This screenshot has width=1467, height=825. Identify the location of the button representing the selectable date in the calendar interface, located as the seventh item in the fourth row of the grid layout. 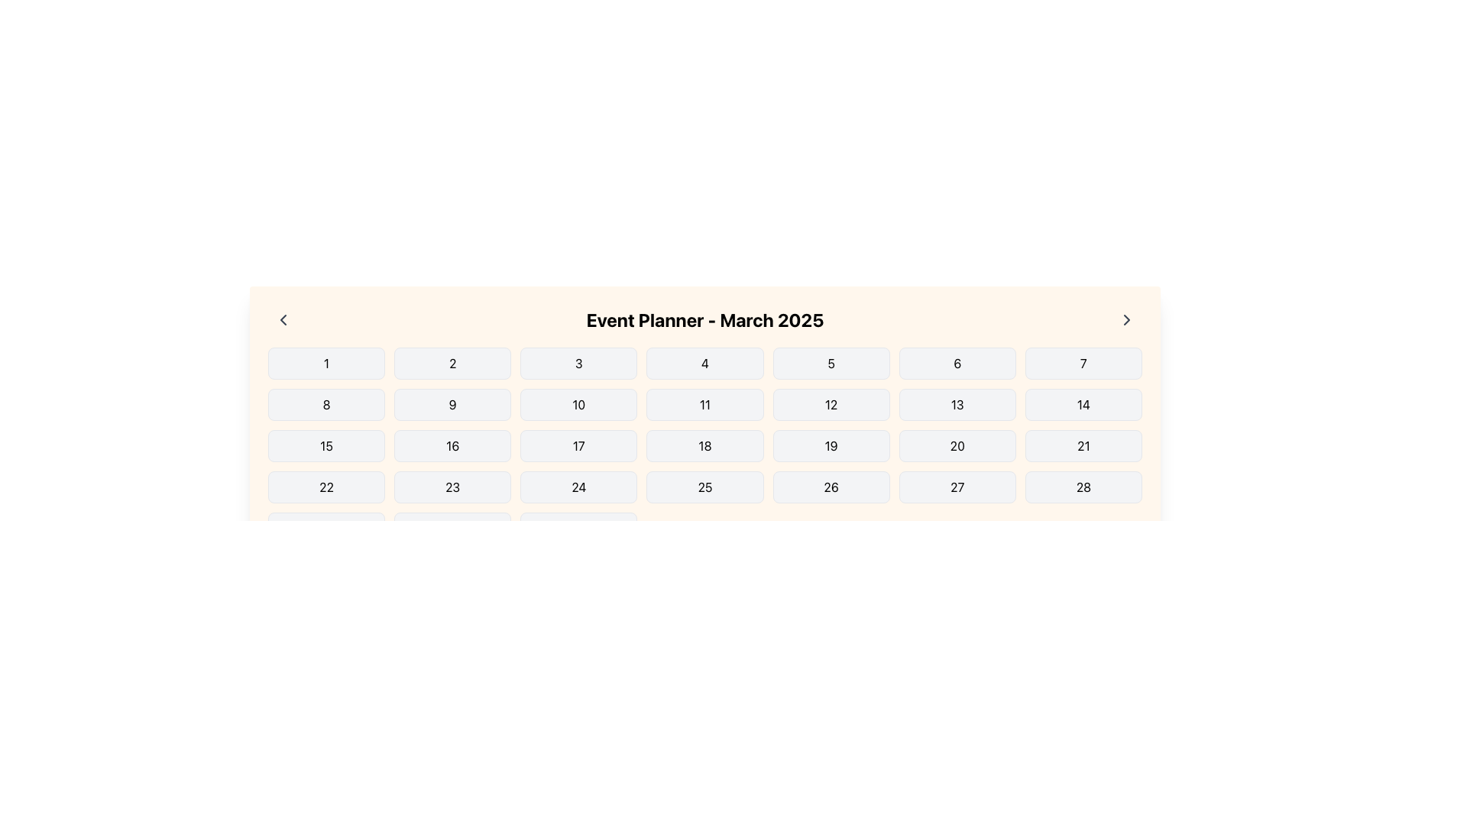
(1083, 445).